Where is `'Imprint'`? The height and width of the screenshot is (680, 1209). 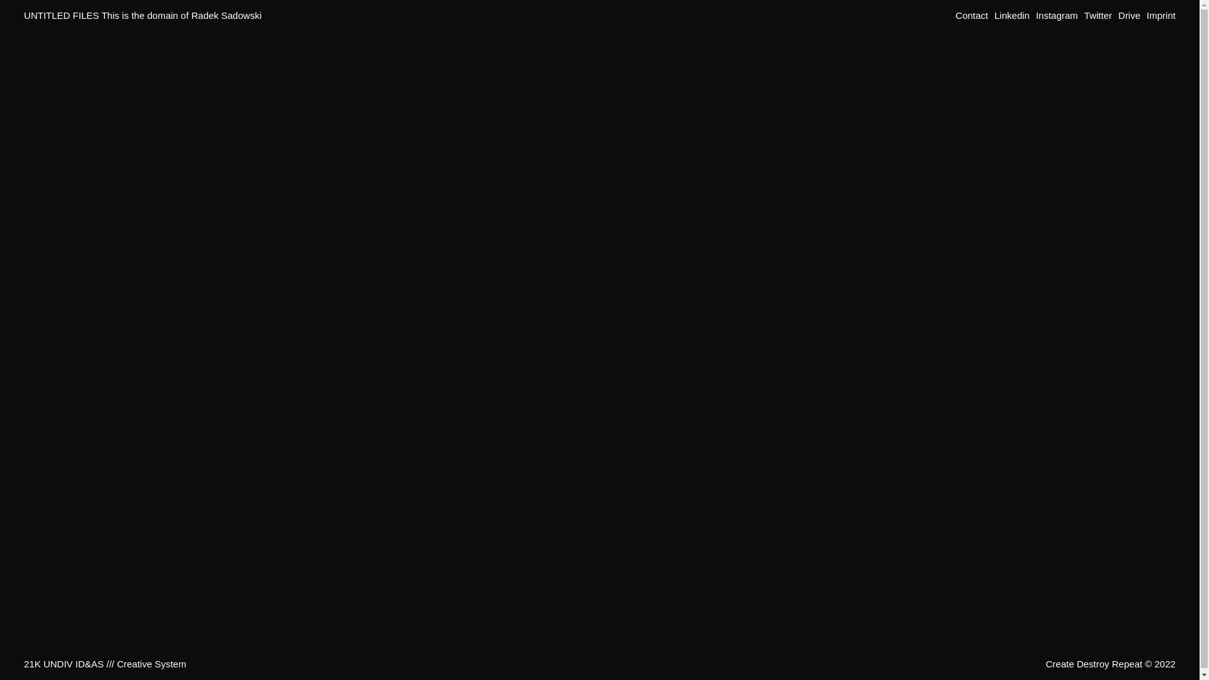
'Imprint' is located at coordinates (1146, 15).